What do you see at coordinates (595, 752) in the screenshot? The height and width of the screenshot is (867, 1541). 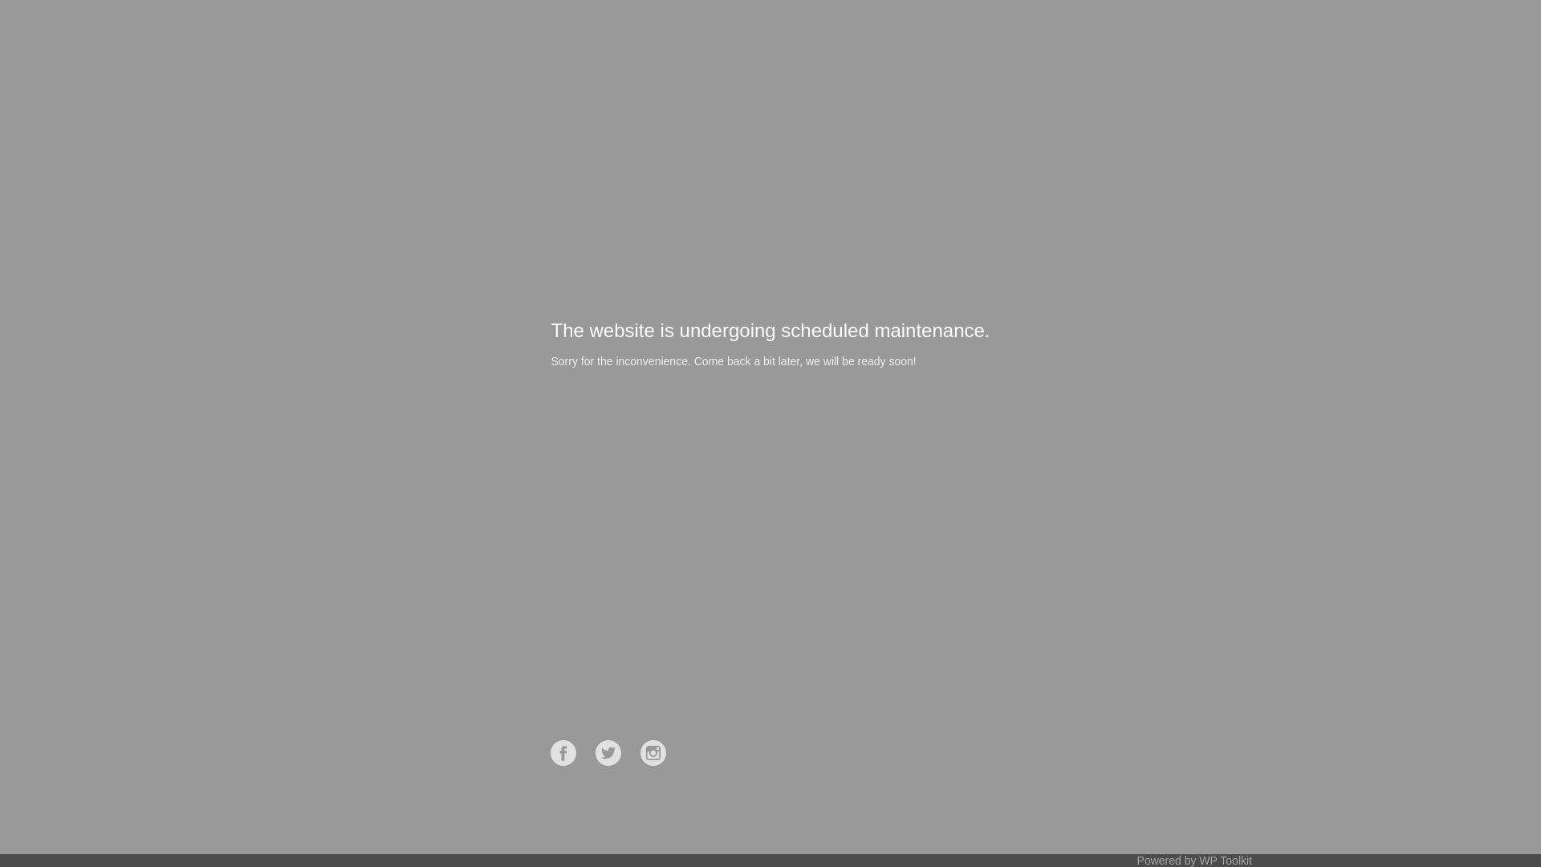 I see `'Twitter'` at bounding box center [595, 752].